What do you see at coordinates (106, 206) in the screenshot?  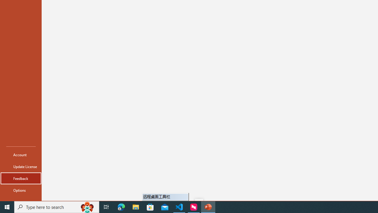 I see `'Task View'` at bounding box center [106, 206].